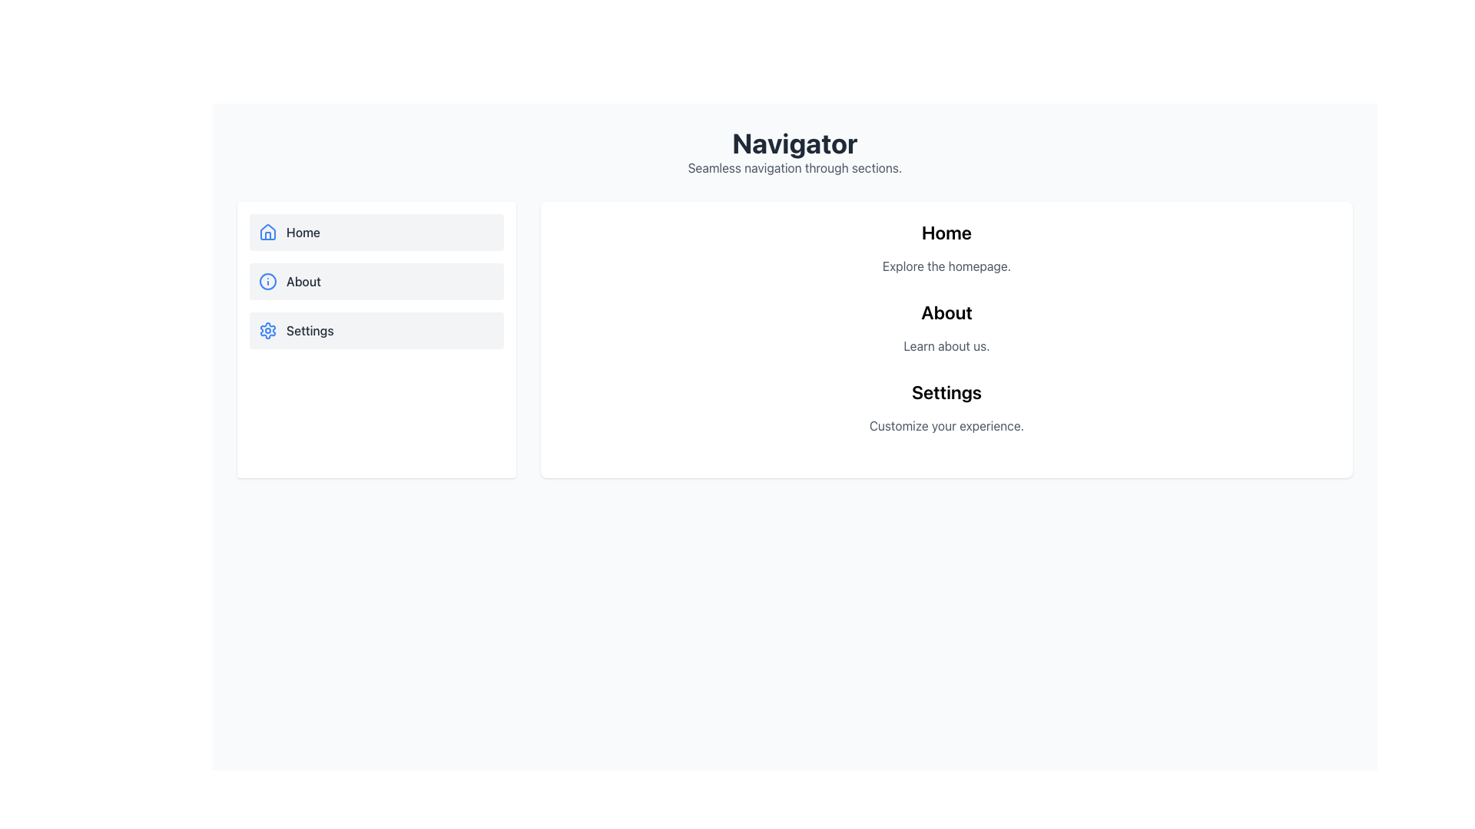 This screenshot has height=829, width=1475. I want to click on the circular icon representing the 'About' menu option in the sidebar navigation menu, so click(268, 281).